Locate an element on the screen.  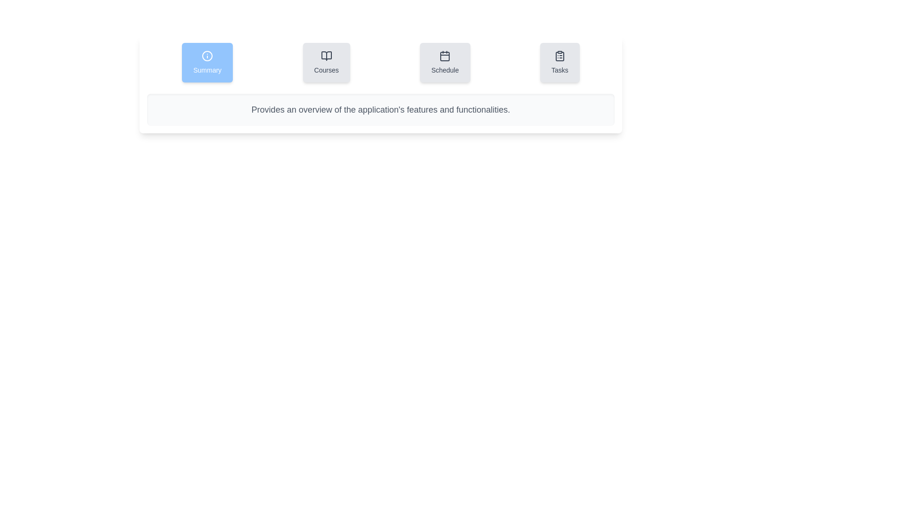
the tab labeled Schedule to observe its visual effects is located at coordinates (444, 62).